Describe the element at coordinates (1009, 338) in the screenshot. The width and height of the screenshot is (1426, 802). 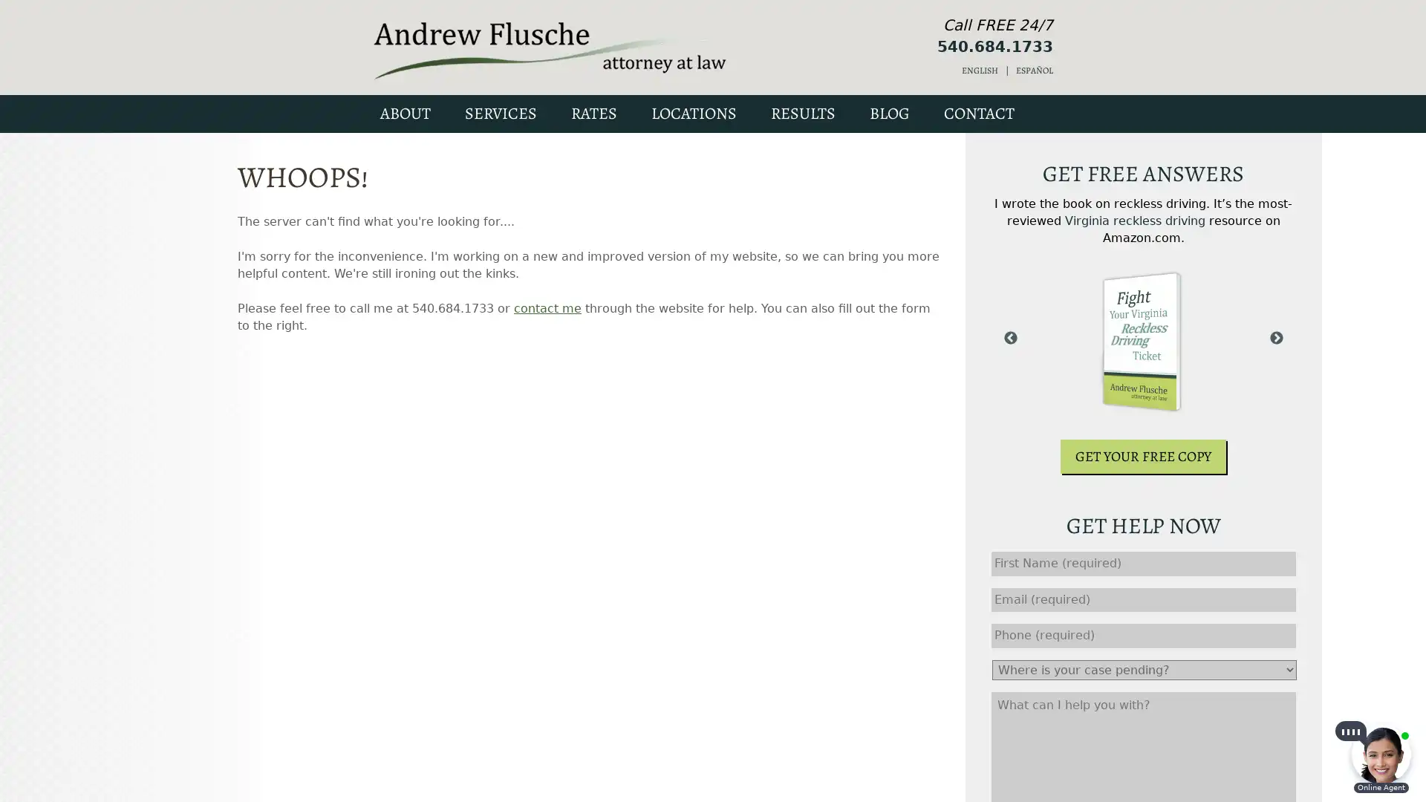
I see `Previous` at that location.